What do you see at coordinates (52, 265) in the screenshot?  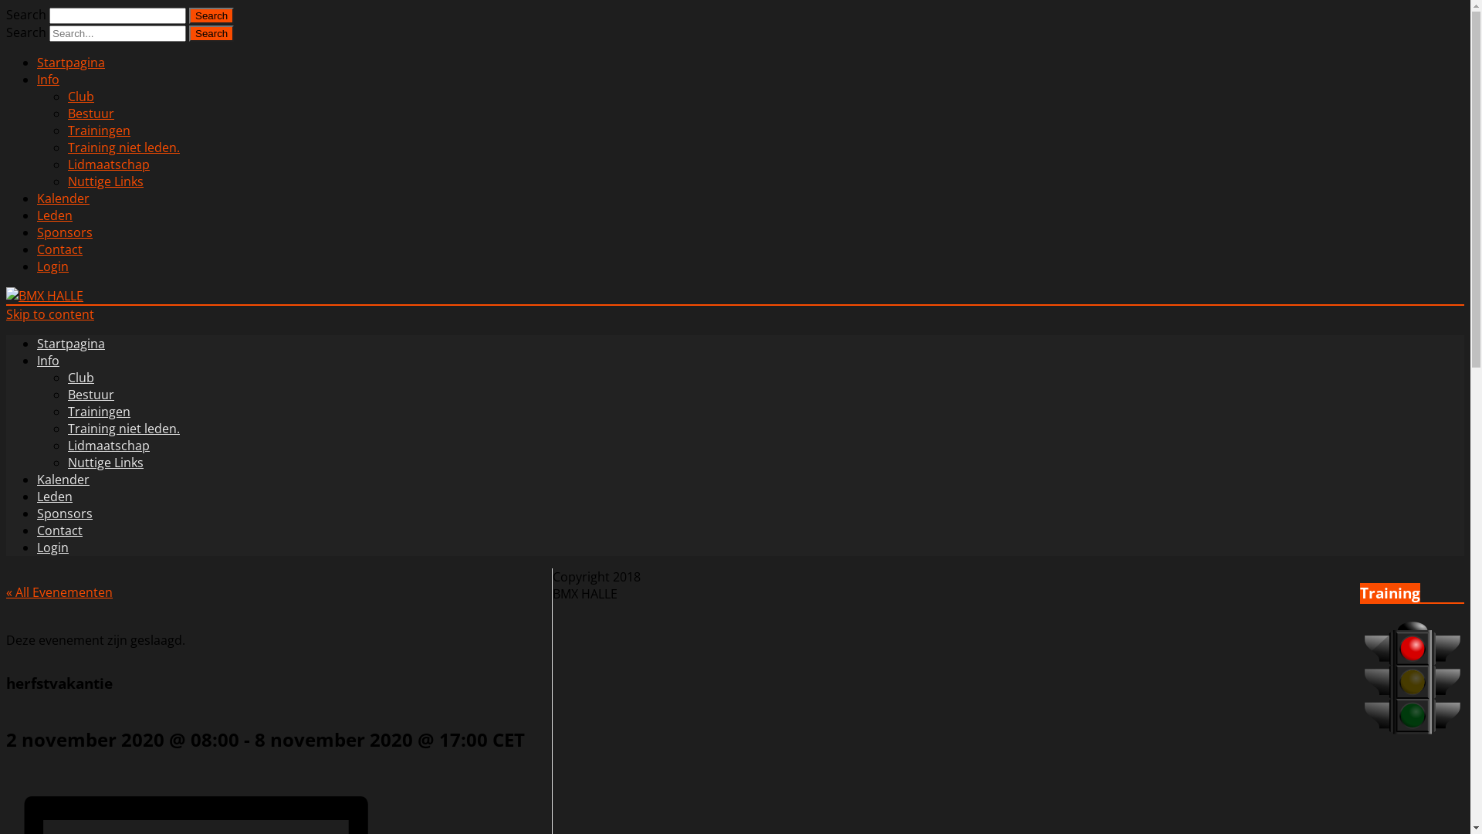 I see `'Login'` at bounding box center [52, 265].